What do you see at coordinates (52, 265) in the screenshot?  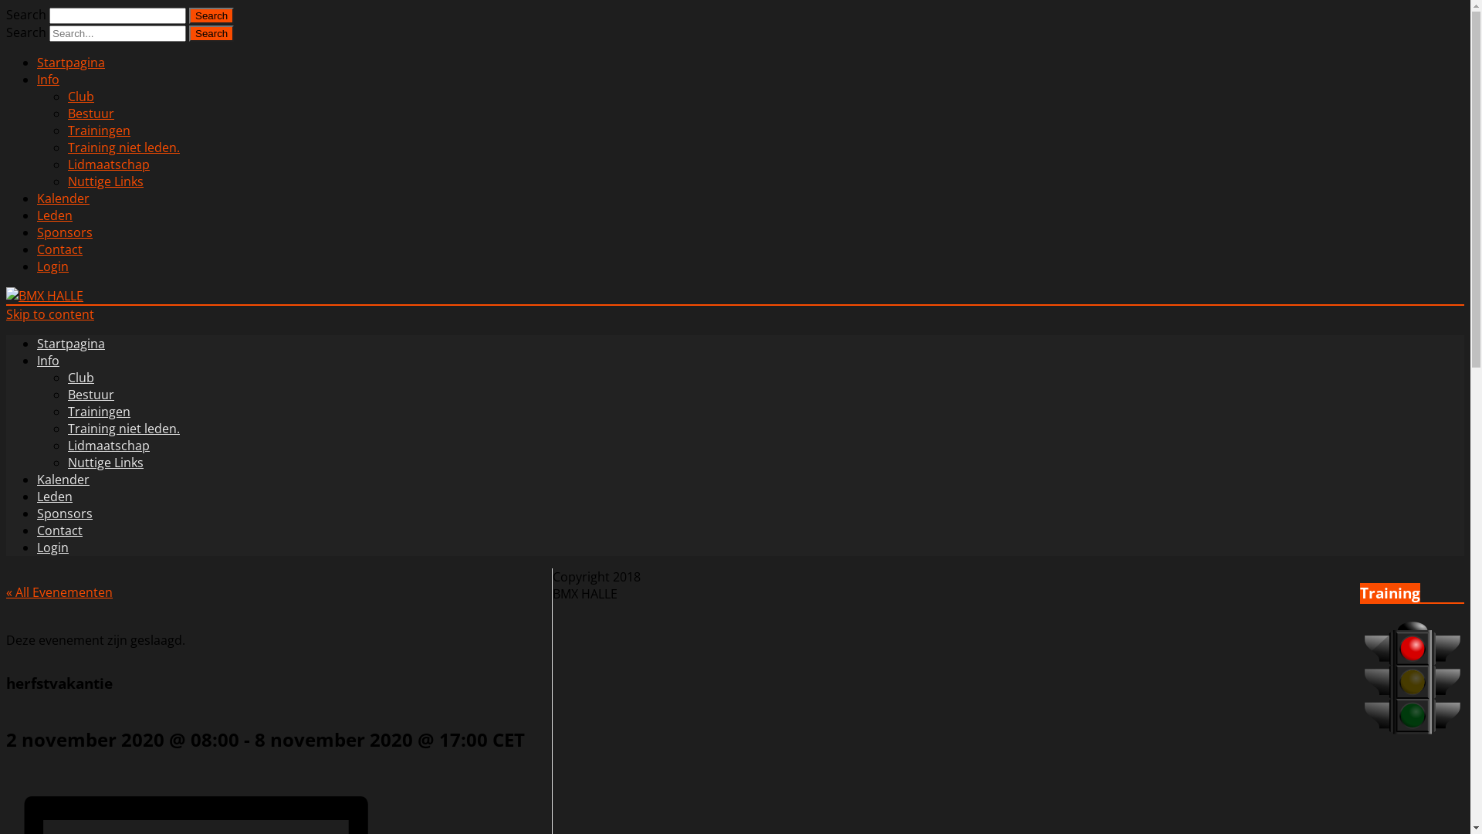 I see `'Login'` at bounding box center [52, 265].